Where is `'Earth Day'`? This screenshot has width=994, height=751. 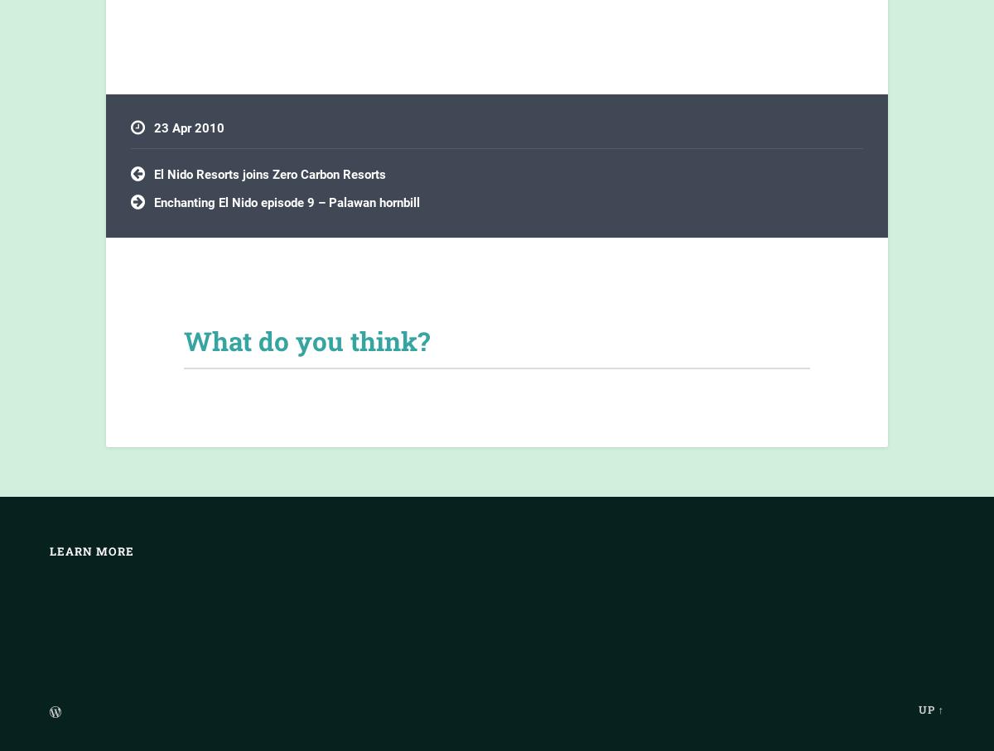
'Earth Day' is located at coordinates (167, 164).